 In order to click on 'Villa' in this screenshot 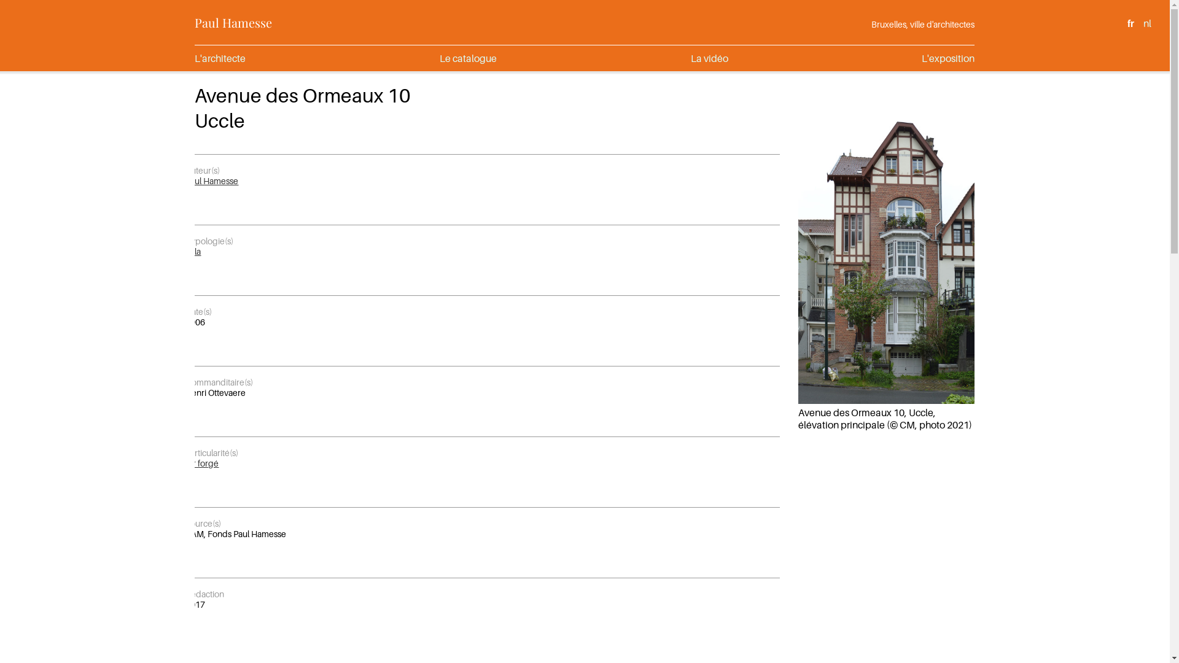, I will do `click(192, 250)`.